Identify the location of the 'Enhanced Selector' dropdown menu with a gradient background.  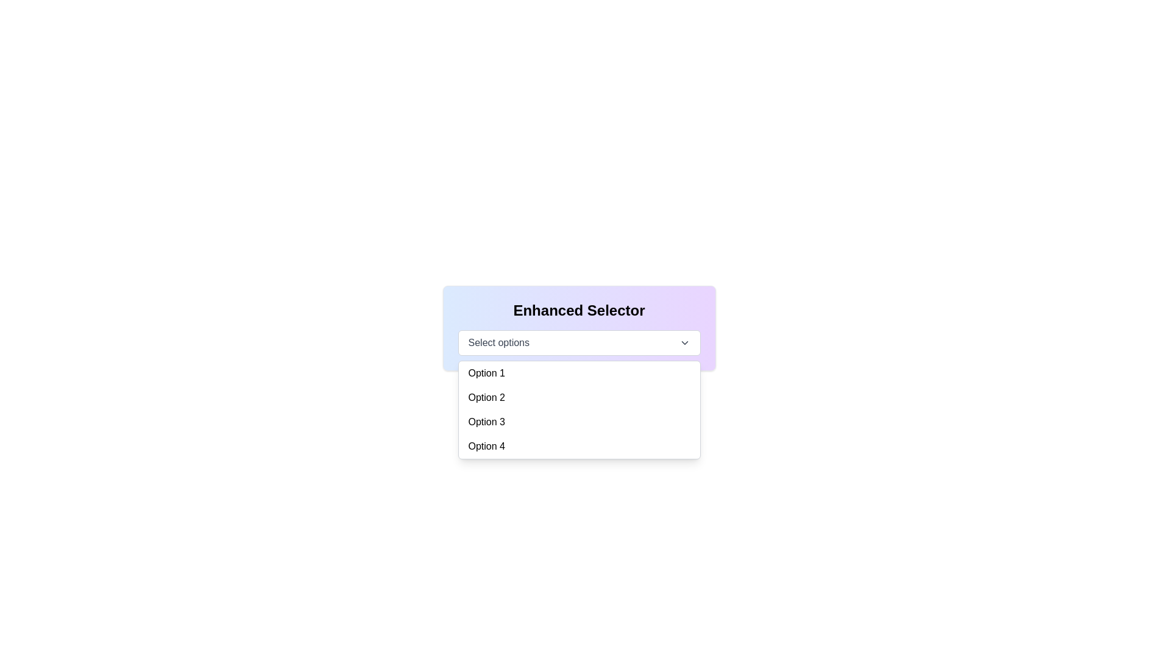
(578, 328).